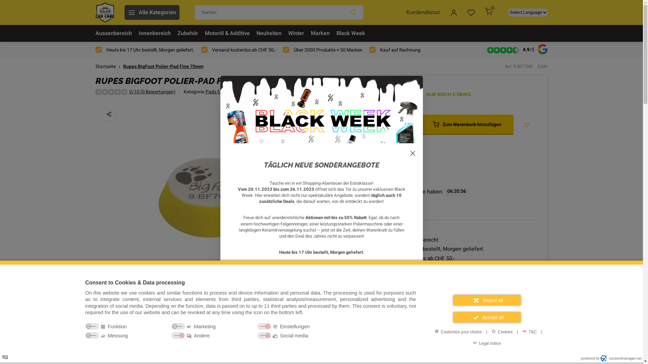  What do you see at coordinates (95, 67) in the screenshot?
I see `'Startseite'` at bounding box center [95, 67].